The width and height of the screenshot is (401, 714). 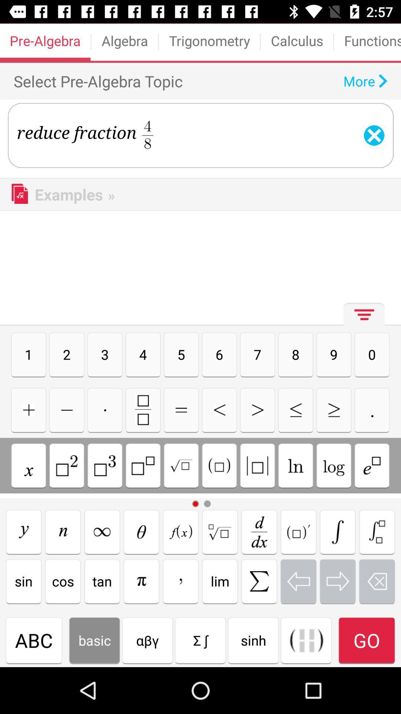 I want to click on multtbull button, so click(x=181, y=409).